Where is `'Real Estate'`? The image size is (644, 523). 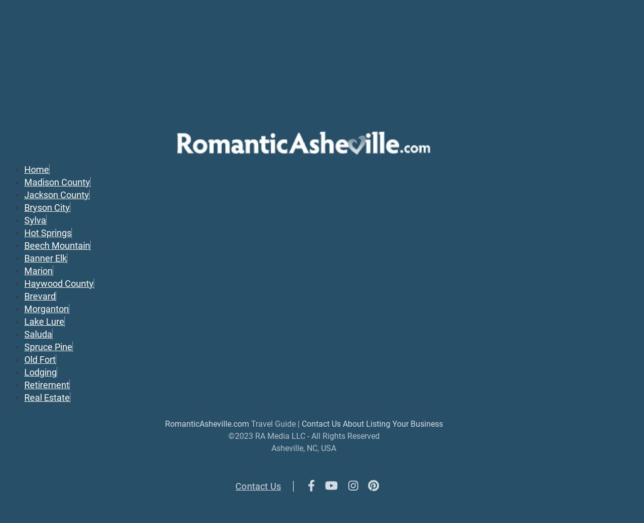
'Real Estate' is located at coordinates (47, 397).